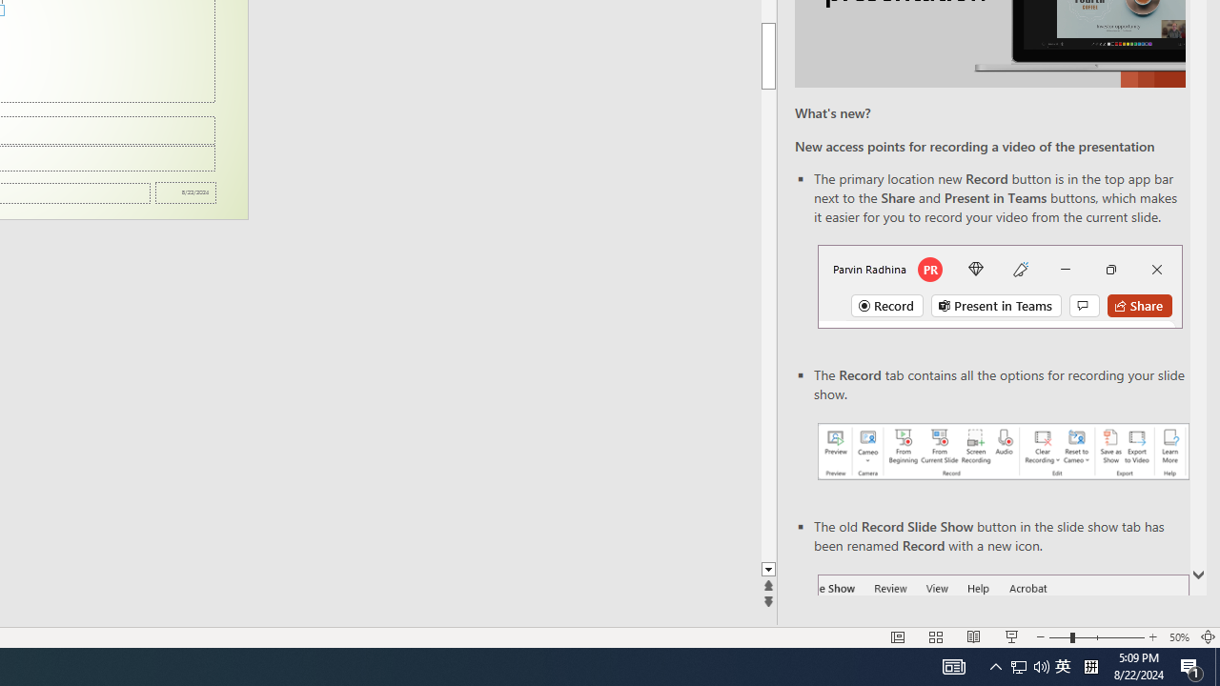 The image size is (1220, 686). What do you see at coordinates (999, 286) in the screenshot?
I see `'Record button in top bar'` at bounding box center [999, 286].